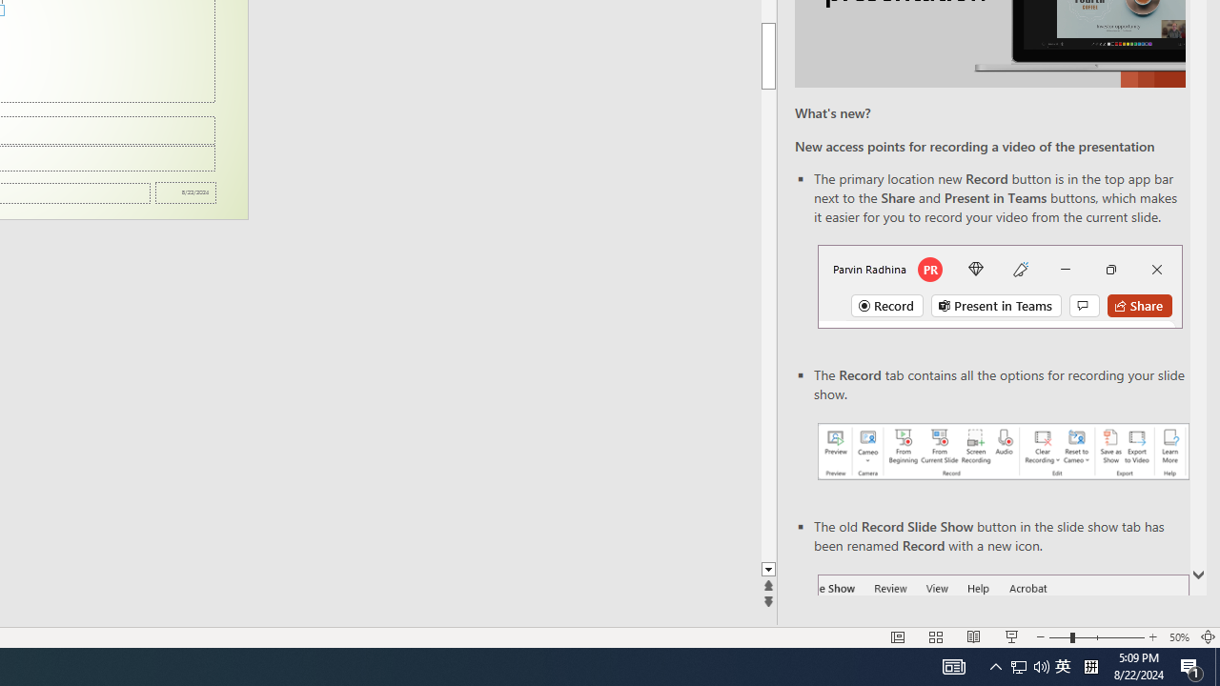 The image size is (1220, 686). What do you see at coordinates (999, 286) in the screenshot?
I see `'Record button in top bar'` at bounding box center [999, 286].